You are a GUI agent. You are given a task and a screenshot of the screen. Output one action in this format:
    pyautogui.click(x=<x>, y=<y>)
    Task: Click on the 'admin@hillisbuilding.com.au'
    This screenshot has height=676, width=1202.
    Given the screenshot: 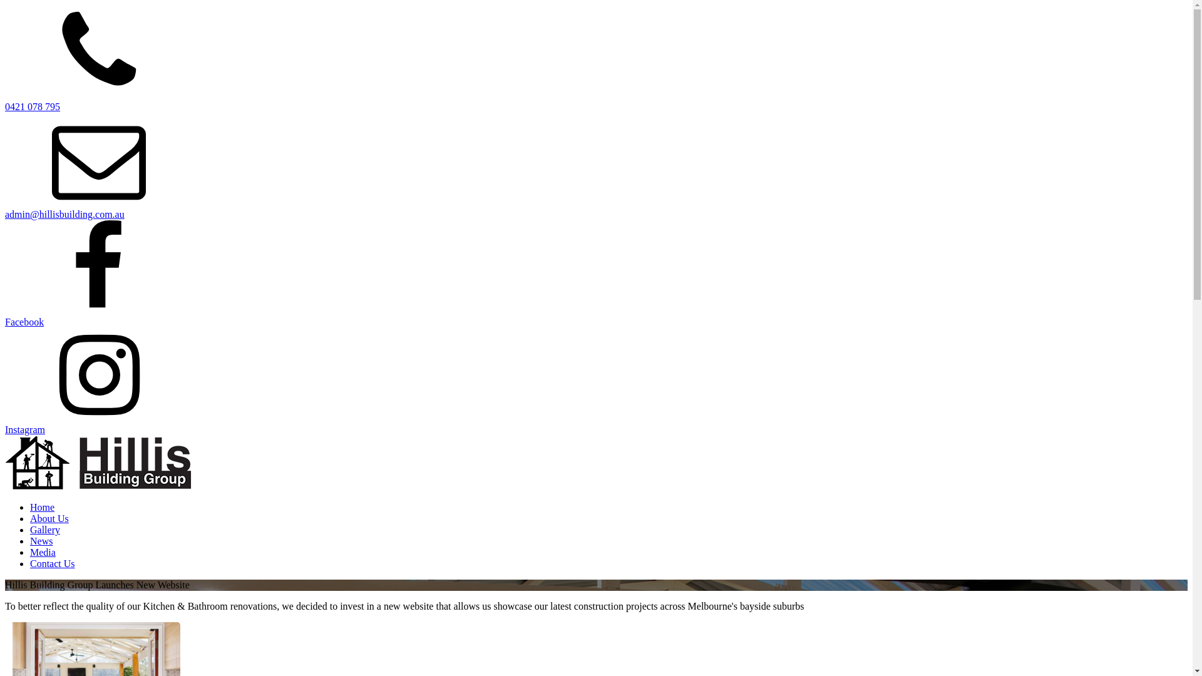 What is the action you would take?
    pyautogui.click(x=64, y=213)
    